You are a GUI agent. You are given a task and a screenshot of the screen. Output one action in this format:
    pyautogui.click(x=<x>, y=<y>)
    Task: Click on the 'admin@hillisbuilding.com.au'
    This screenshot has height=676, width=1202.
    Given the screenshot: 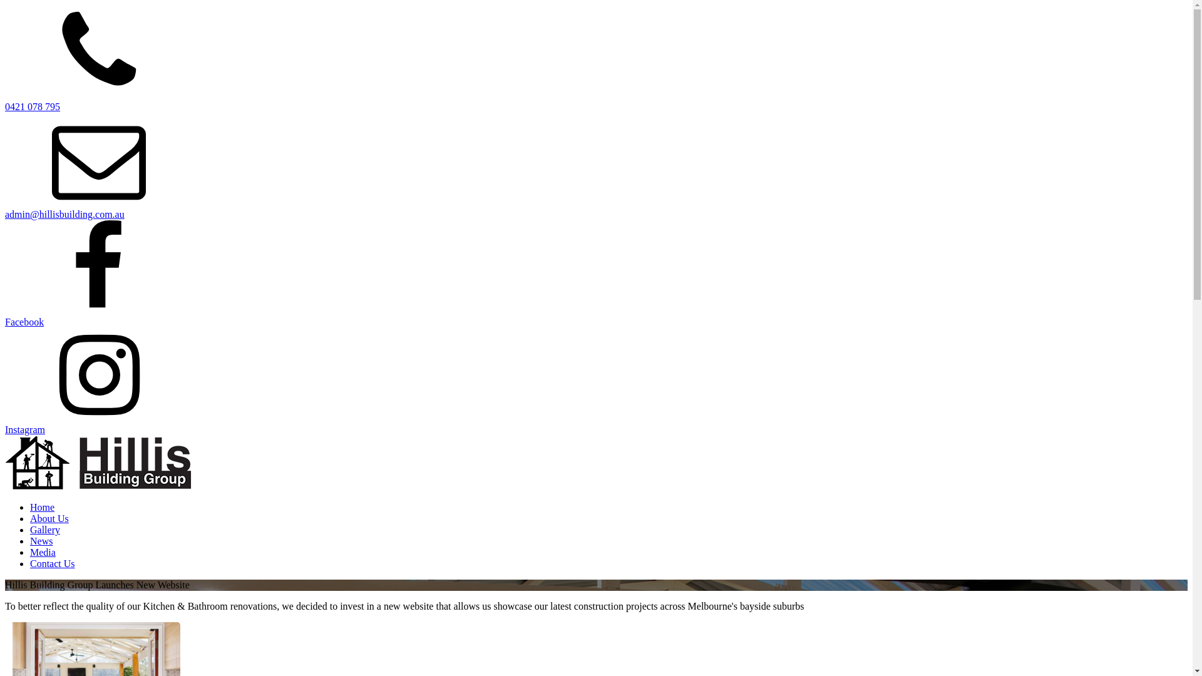 What is the action you would take?
    pyautogui.click(x=64, y=213)
    